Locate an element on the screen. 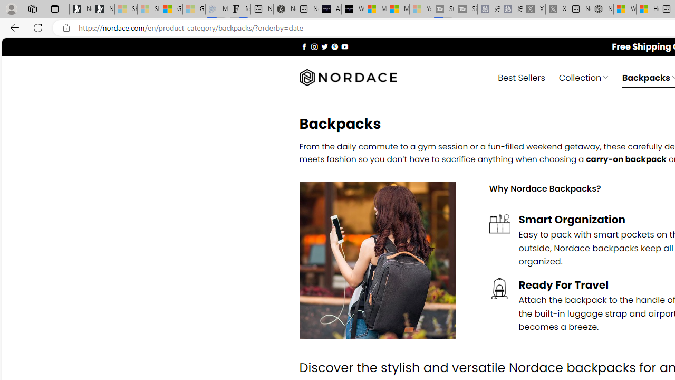 The height and width of the screenshot is (380, 675). 'Follow on Twitter' is located at coordinates (324, 46).